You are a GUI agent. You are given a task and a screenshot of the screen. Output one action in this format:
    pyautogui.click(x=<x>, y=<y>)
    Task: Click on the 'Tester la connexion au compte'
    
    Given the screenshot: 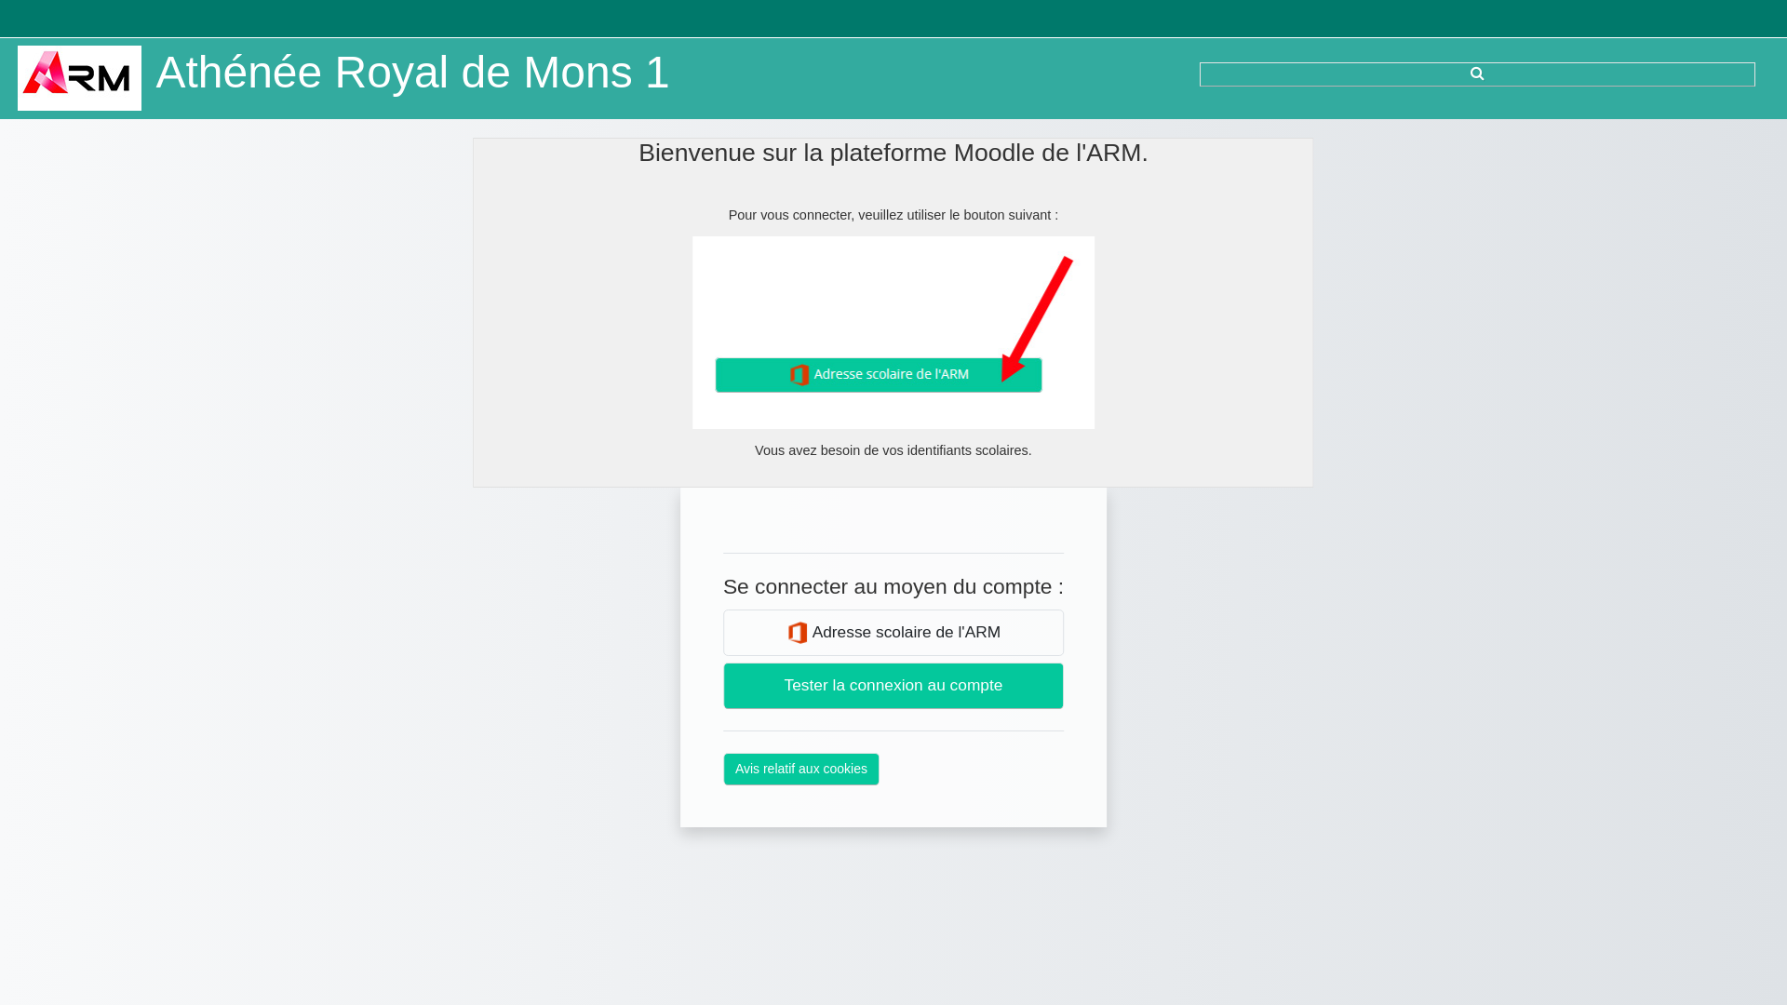 What is the action you would take?
    pyautogui.click(x=893, y=685)
    